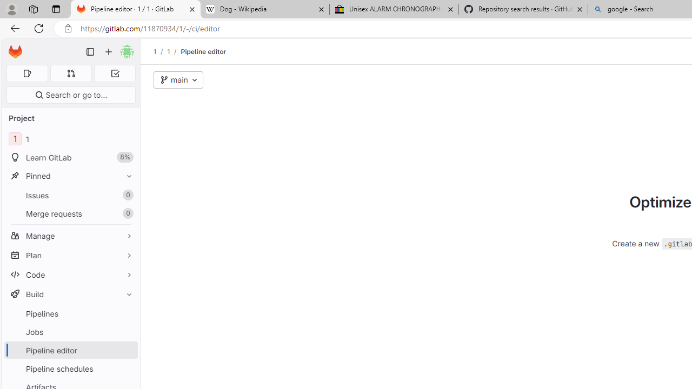 This screenshot has height=389, width=692. I want to click on 'Jobs', so click(70, 331).